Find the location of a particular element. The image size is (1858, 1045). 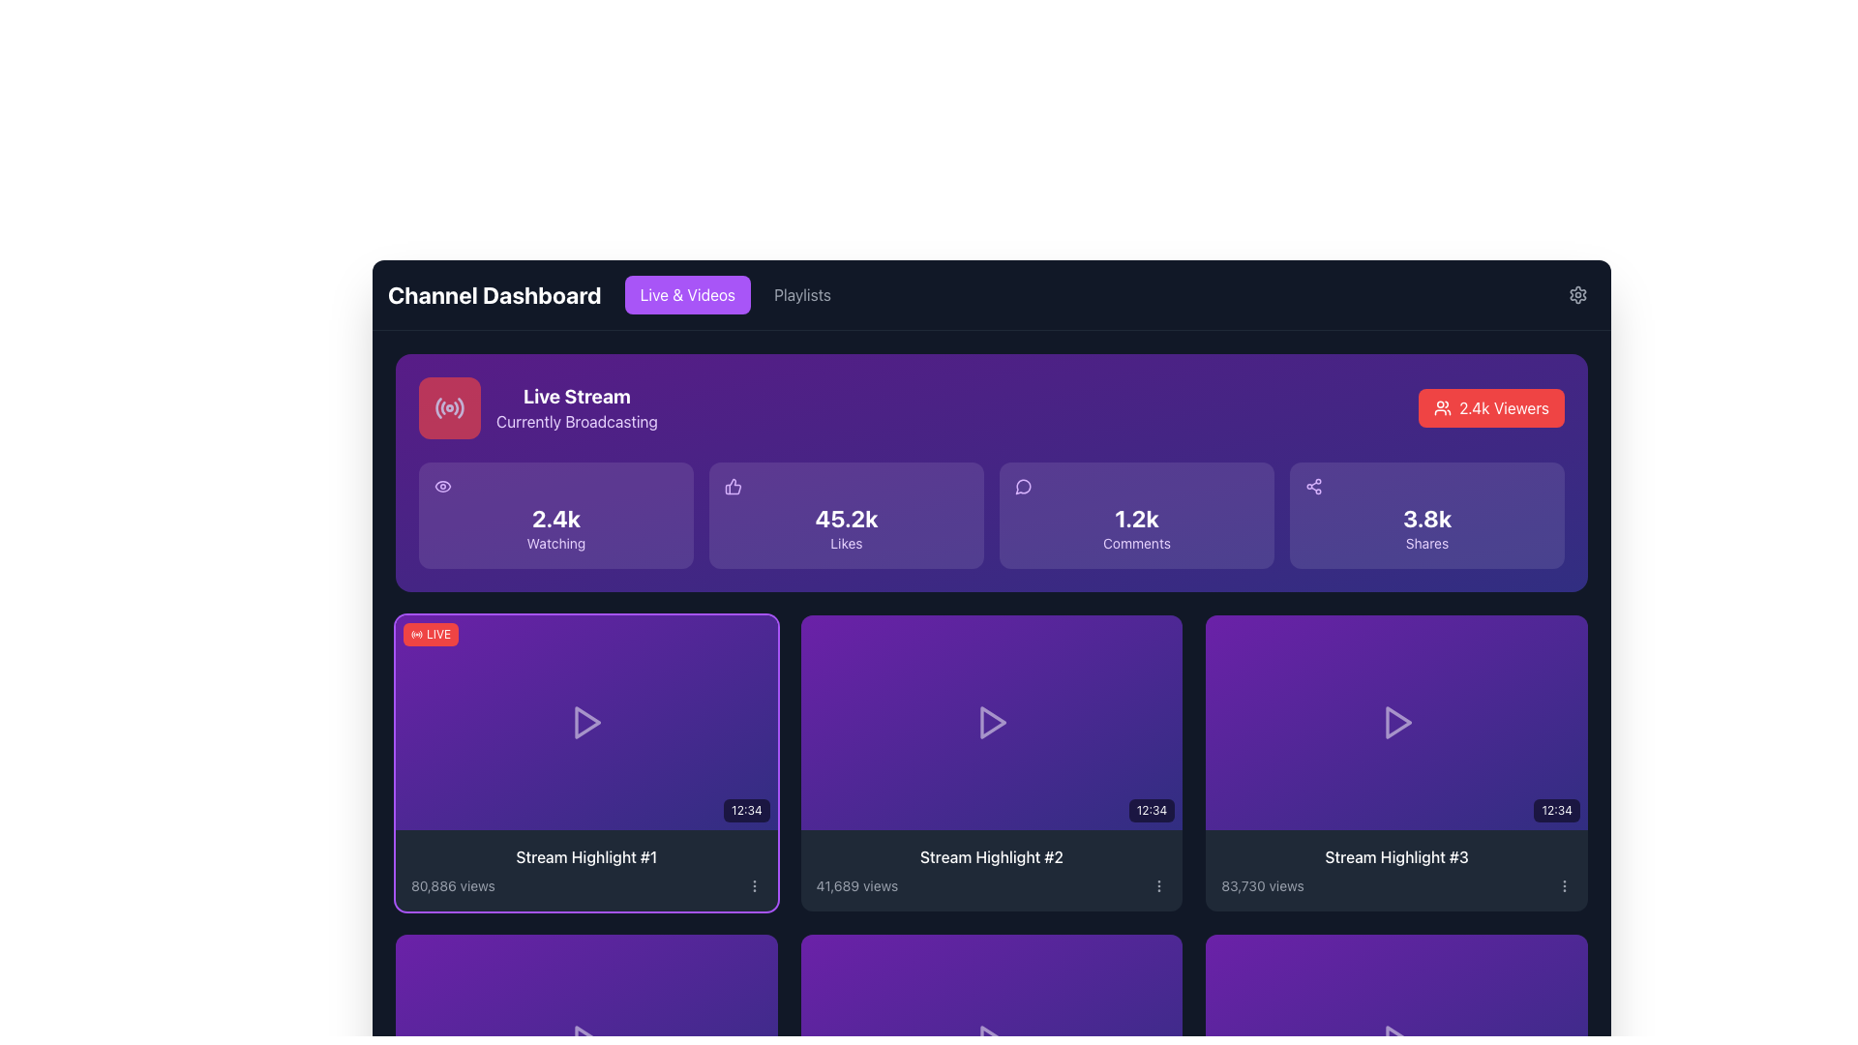

the clickable video thumbnail with a gradient background and a play icon at its center, located in the second row's second position beneath the 'Live Stream' section is located at coordinates (991, 723).